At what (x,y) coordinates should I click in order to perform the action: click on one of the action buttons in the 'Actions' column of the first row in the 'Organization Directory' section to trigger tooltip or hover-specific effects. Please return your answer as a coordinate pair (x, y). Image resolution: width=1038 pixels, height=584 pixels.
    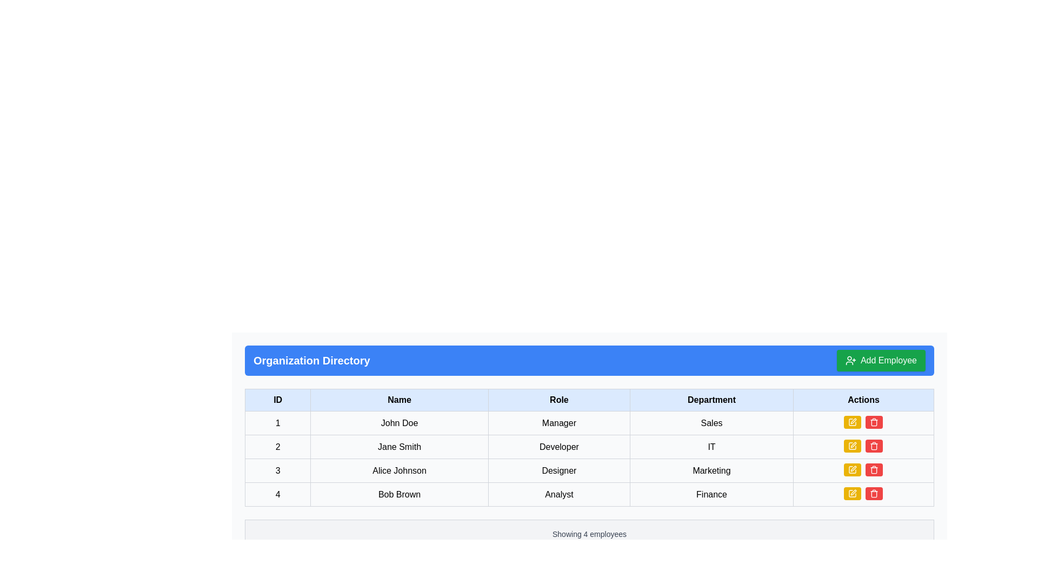
    Looking at the image, I should click on (863, 422).